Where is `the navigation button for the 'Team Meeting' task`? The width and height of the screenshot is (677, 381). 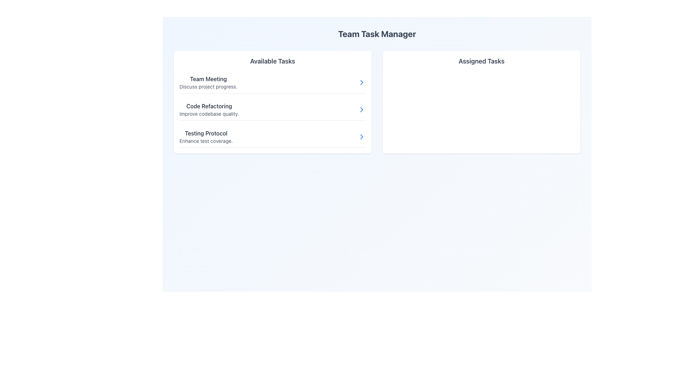 the navigation button for the 'Team Meeting' task is located at coordinates (361, 82).